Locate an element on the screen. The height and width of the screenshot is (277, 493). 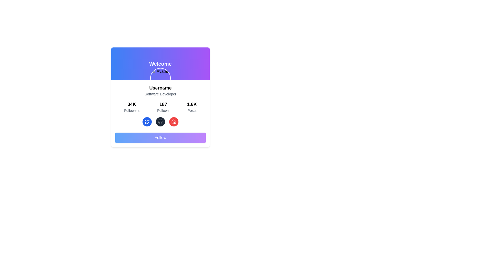
numerical and descriptive information displayed in the Text Display showing the count of follows associated with the user, located between the 'Followers' and 'Posts' components is located at coordinates (163, 106).